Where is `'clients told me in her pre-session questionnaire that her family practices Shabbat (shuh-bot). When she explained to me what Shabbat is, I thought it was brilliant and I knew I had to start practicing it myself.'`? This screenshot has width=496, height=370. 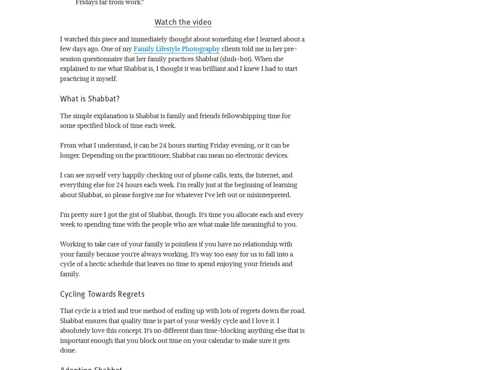
'clients told me in her pre-session questionnaire that her family practices Shabbat (shuh-bot). When she explained to me what Shabbat is, I thought it was brilliant and I knew I had to start practicing it myself.' is located at coordinates (179, 63).